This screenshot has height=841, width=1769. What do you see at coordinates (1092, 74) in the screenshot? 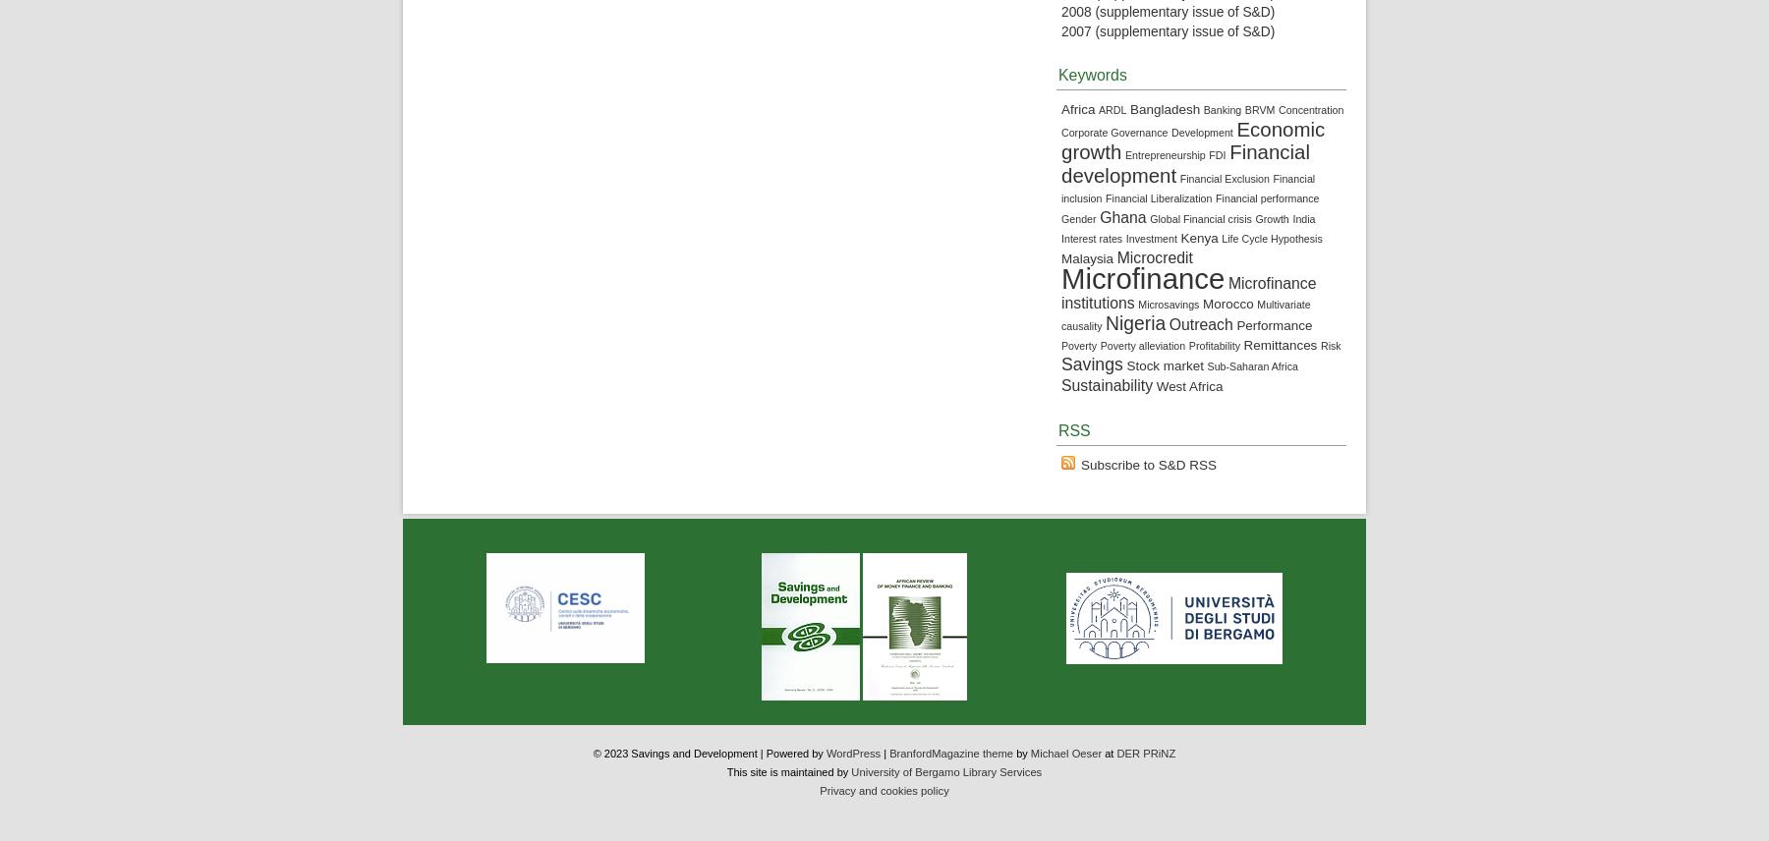
I see `'Keywords'` at bounding box center [1092, 74].